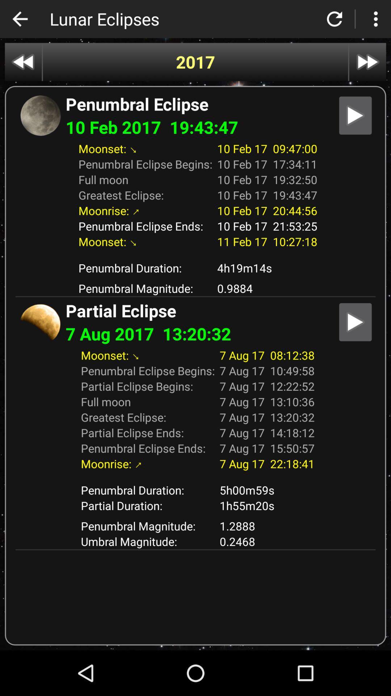 This screenshot has width=391, height=696. What do you see at coordinates (267, 526) in the screenshot?
I see `the 1.2888 item` at bounding box center [267, 526].